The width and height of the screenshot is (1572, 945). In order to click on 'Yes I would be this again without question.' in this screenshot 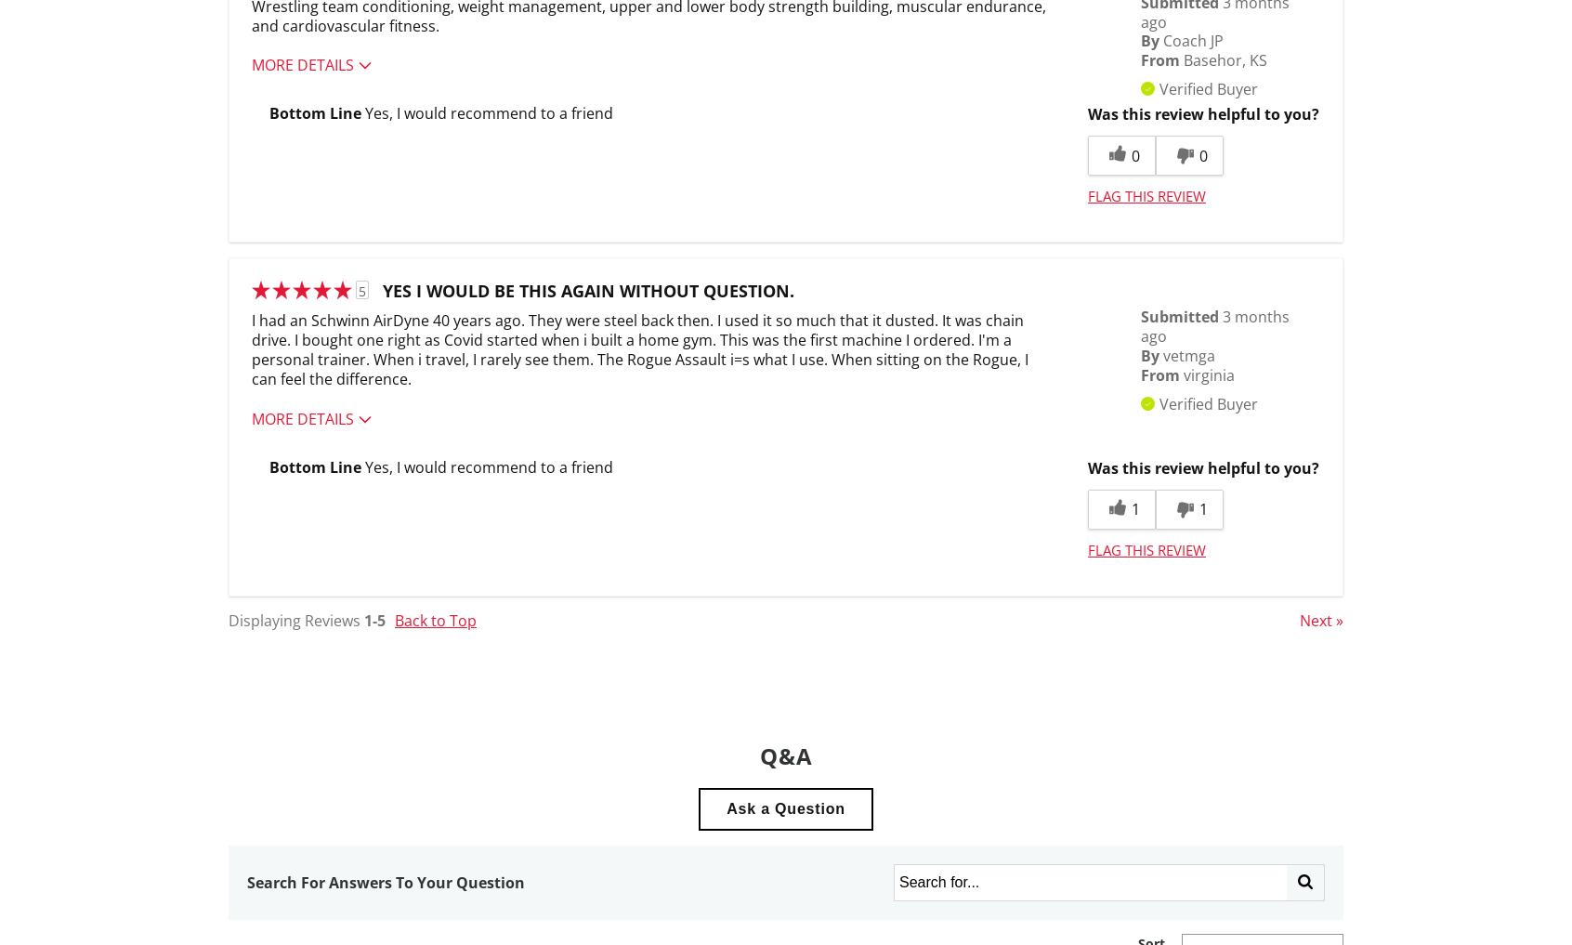, I will do `click(383, 291)`.